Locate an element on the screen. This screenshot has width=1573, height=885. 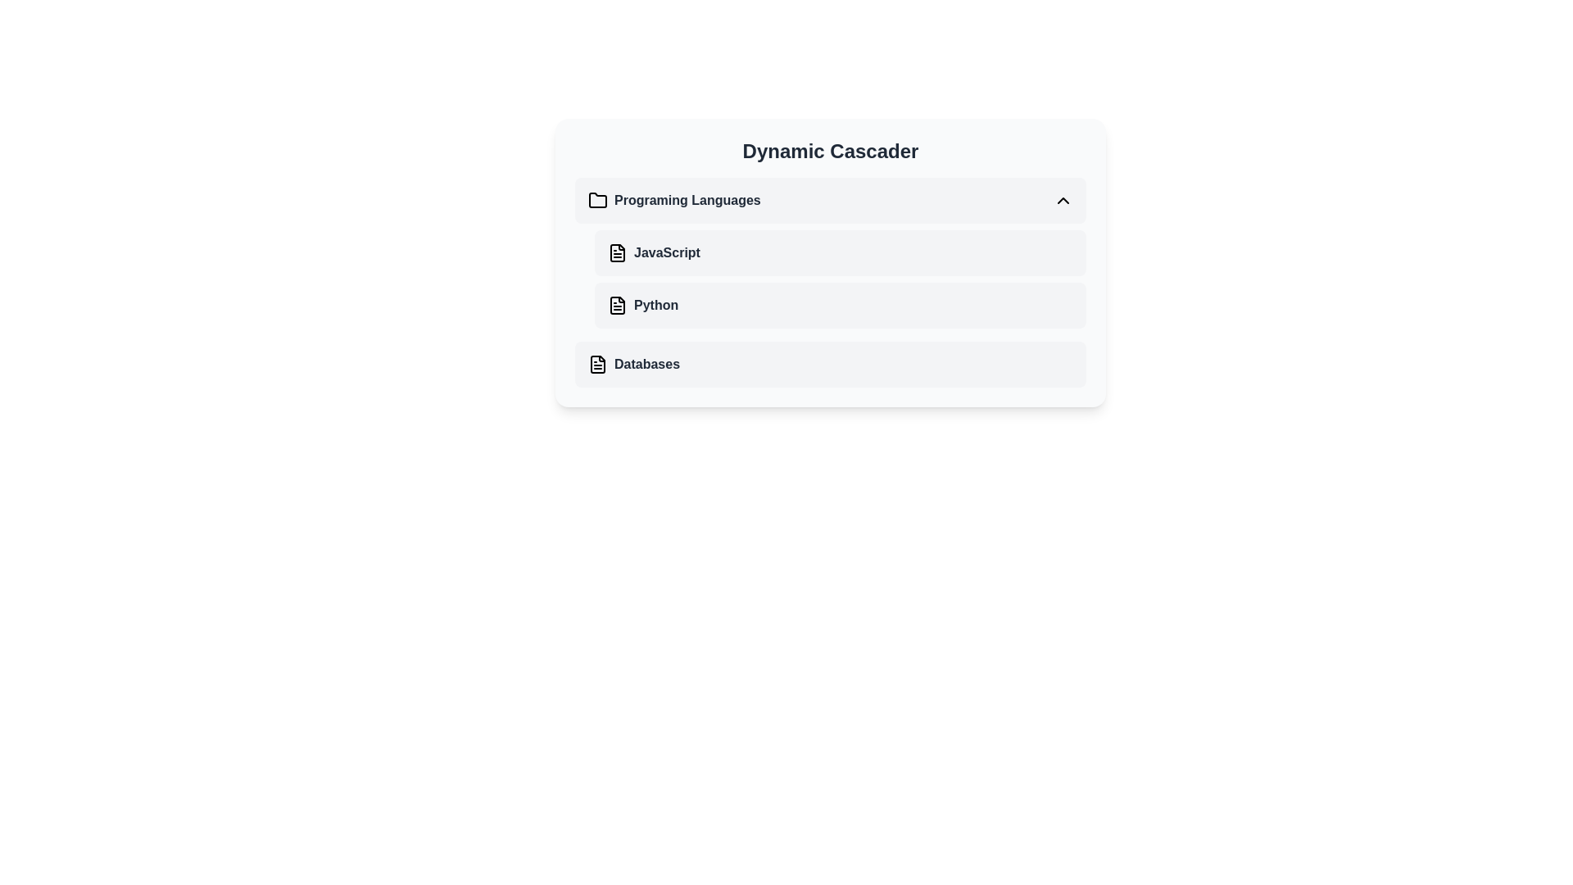
the document icon representing the 'JavaScript' option for interaction is located at coordinates (616, 252).